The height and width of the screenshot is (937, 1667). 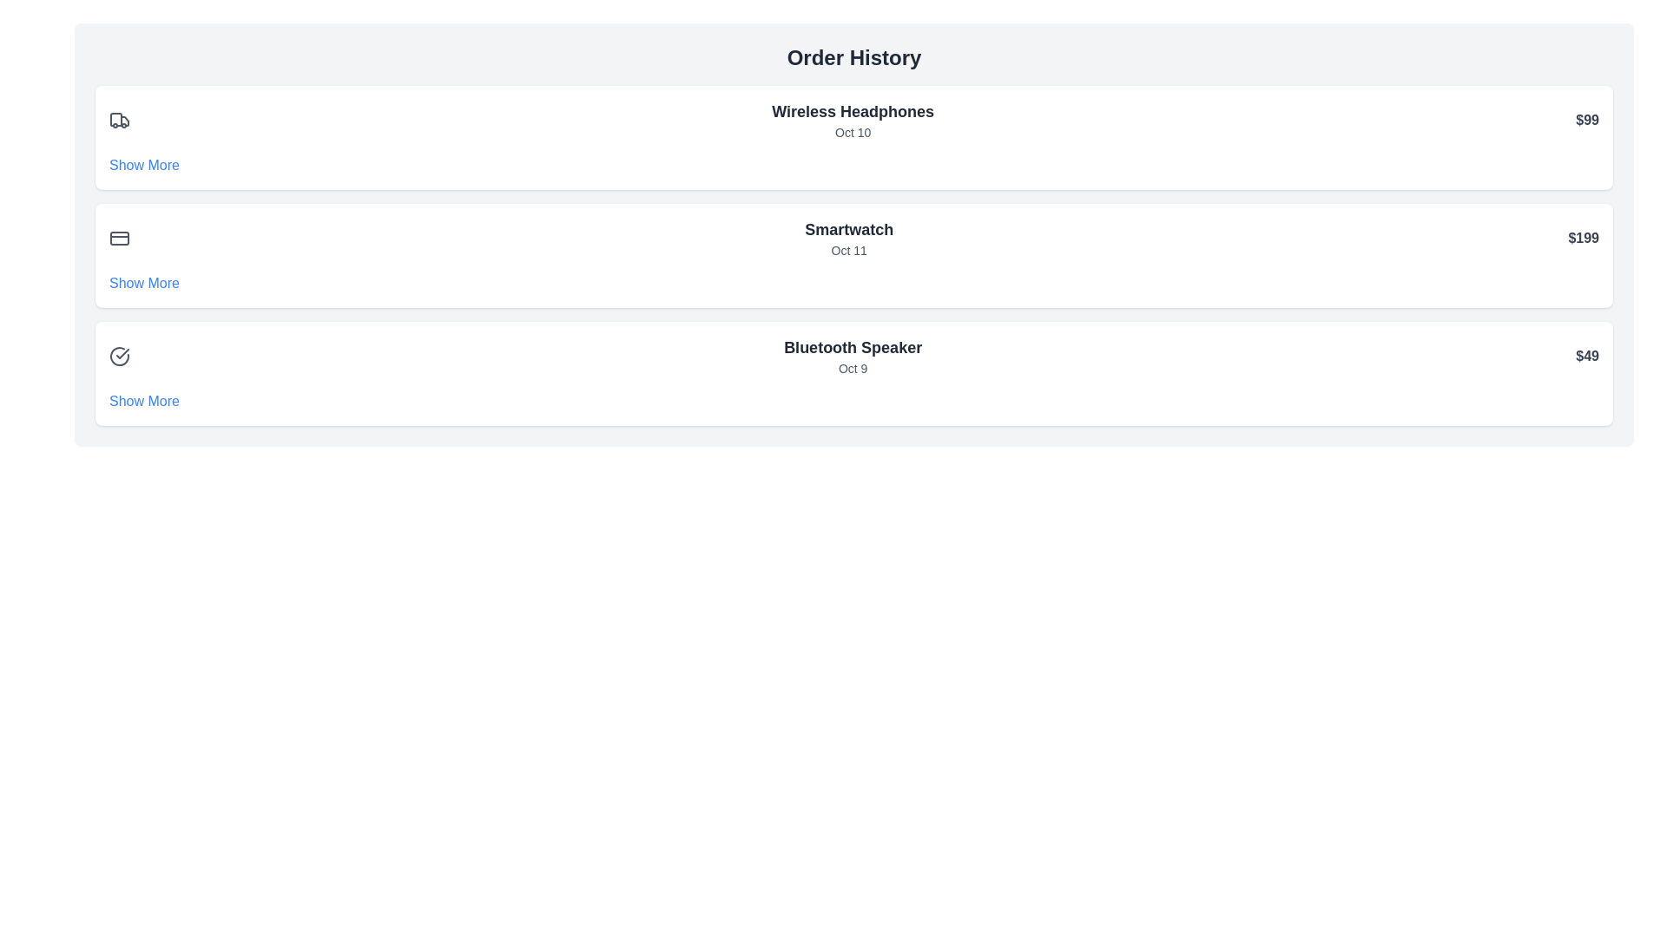 I want to click on the first item in the second card of the 'Order History' section, which displays details about an item including its name, date, and price, so click(x=853, y=238).